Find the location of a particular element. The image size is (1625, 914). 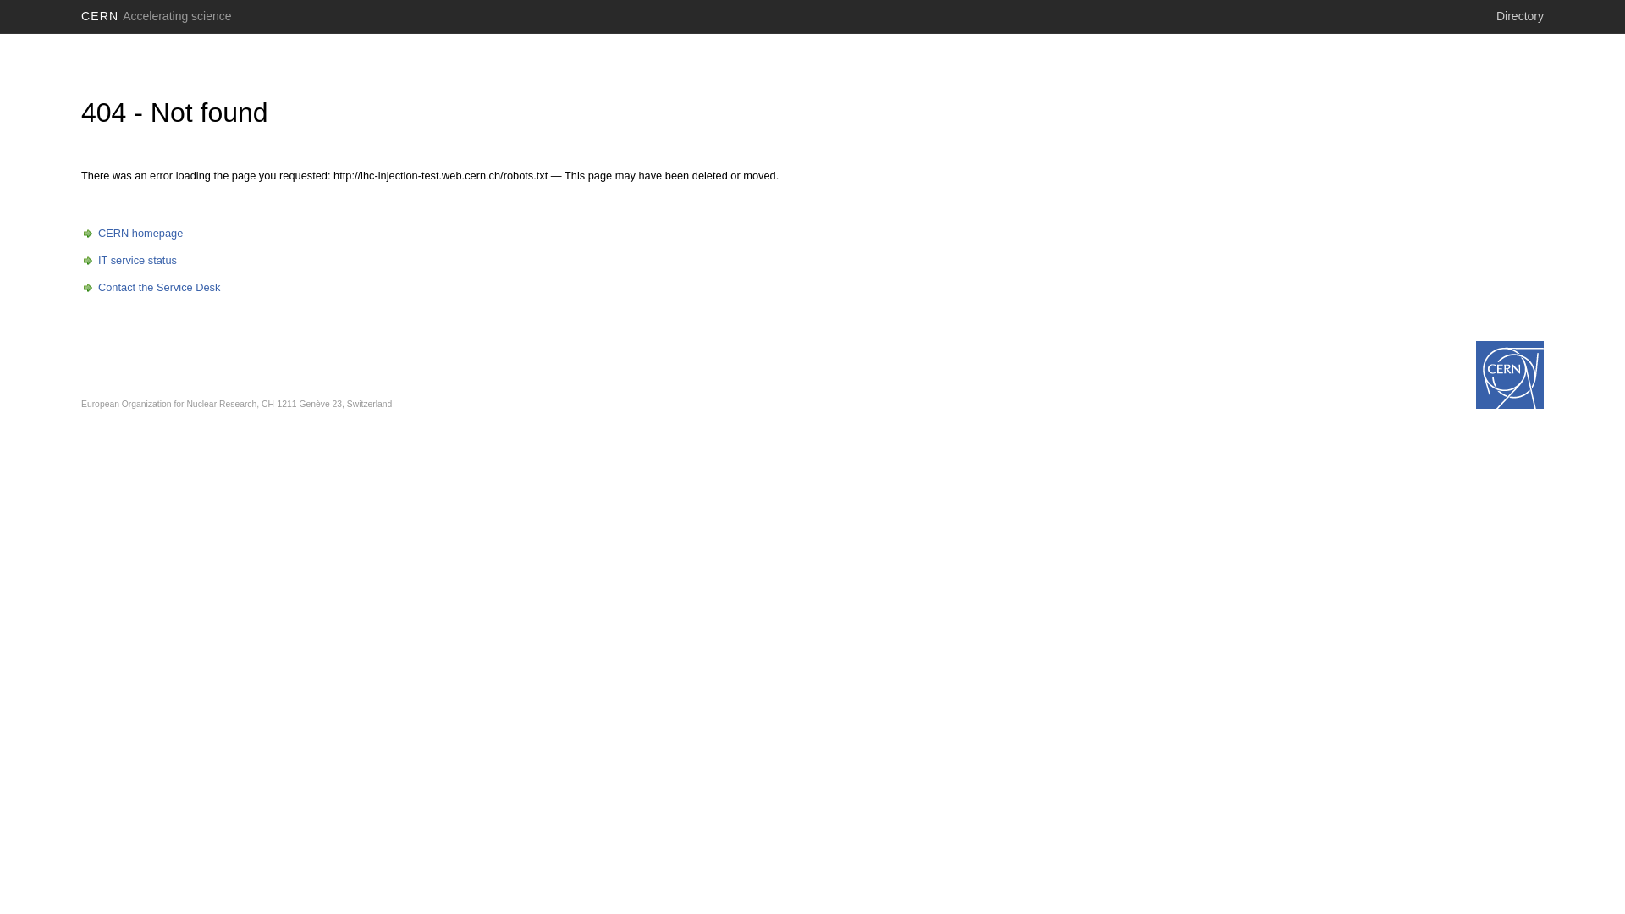

'Directory' is located at coordinates (1519, 16).